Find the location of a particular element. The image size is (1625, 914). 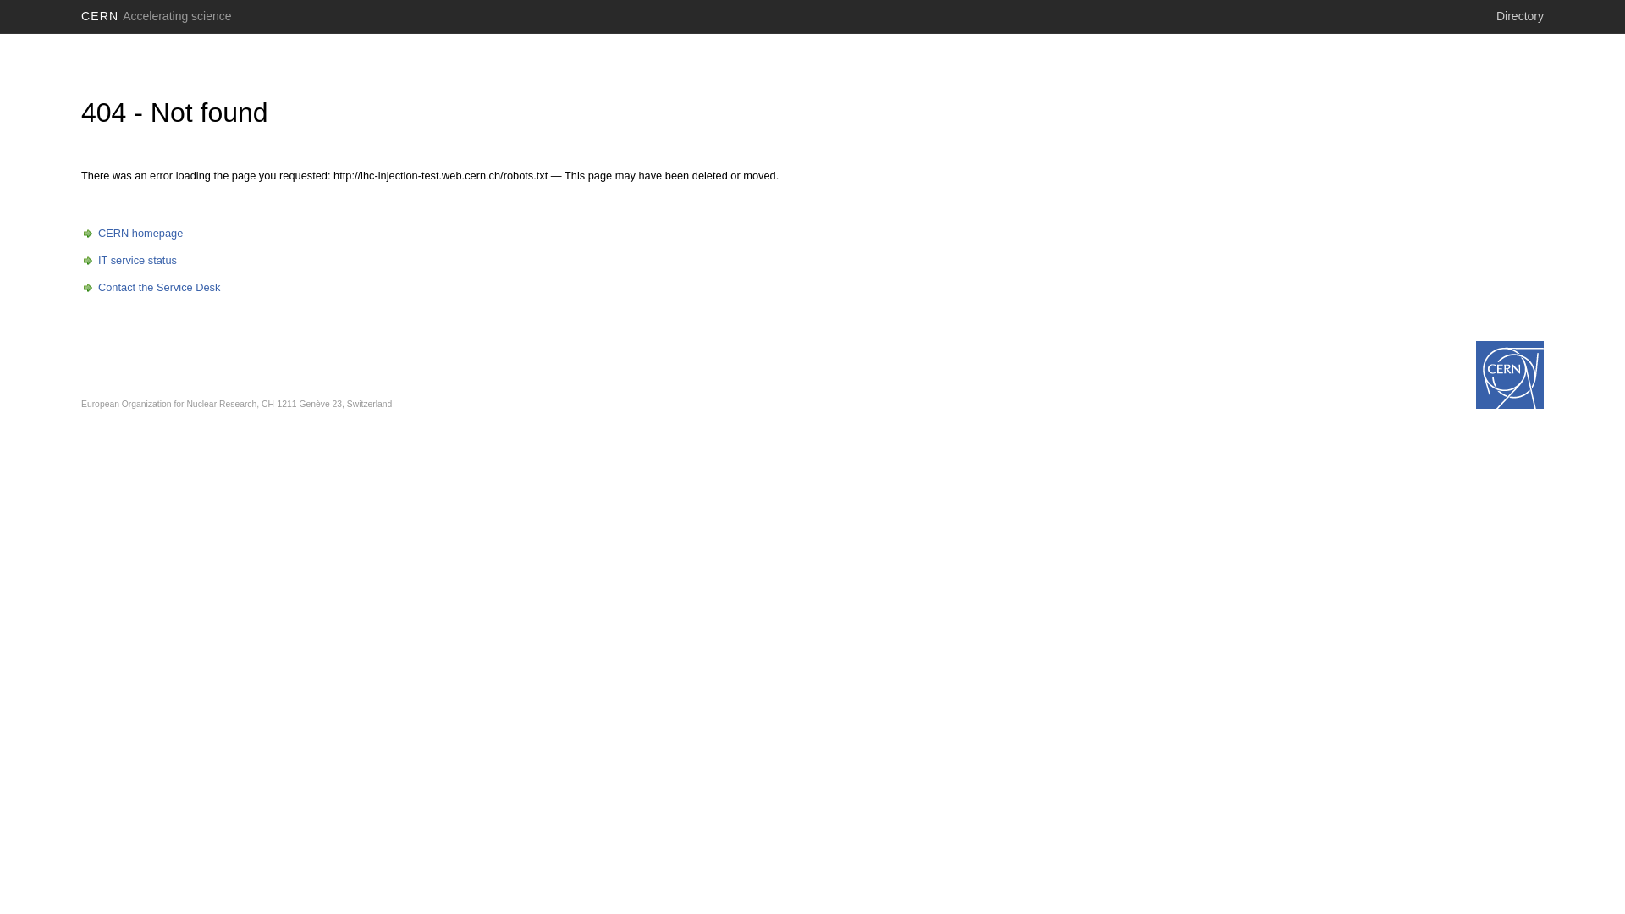

'Directory' is located at coordinates (1519, 16).